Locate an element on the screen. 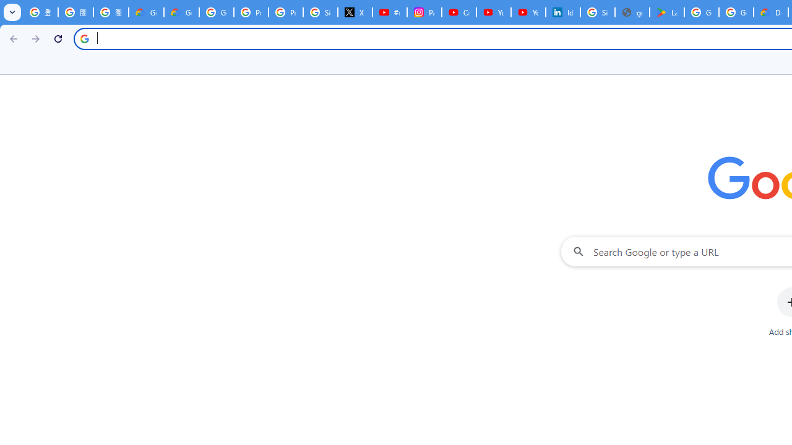  'Privacy Help Center - Policies Help' is located at coordinates (250, 12).